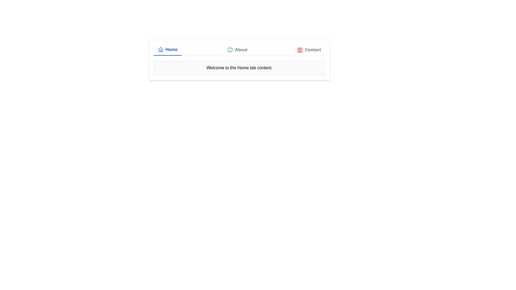 This screenshot has width=516, height=290. Describe the element at coordinates (309, 50) in the screenshot. I see `the navigation menu button that serves as the third item in the horizontal navigation bar, which navigates to the Contact section` at that location.